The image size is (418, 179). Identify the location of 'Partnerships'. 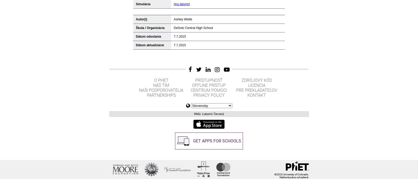
(161, 95).